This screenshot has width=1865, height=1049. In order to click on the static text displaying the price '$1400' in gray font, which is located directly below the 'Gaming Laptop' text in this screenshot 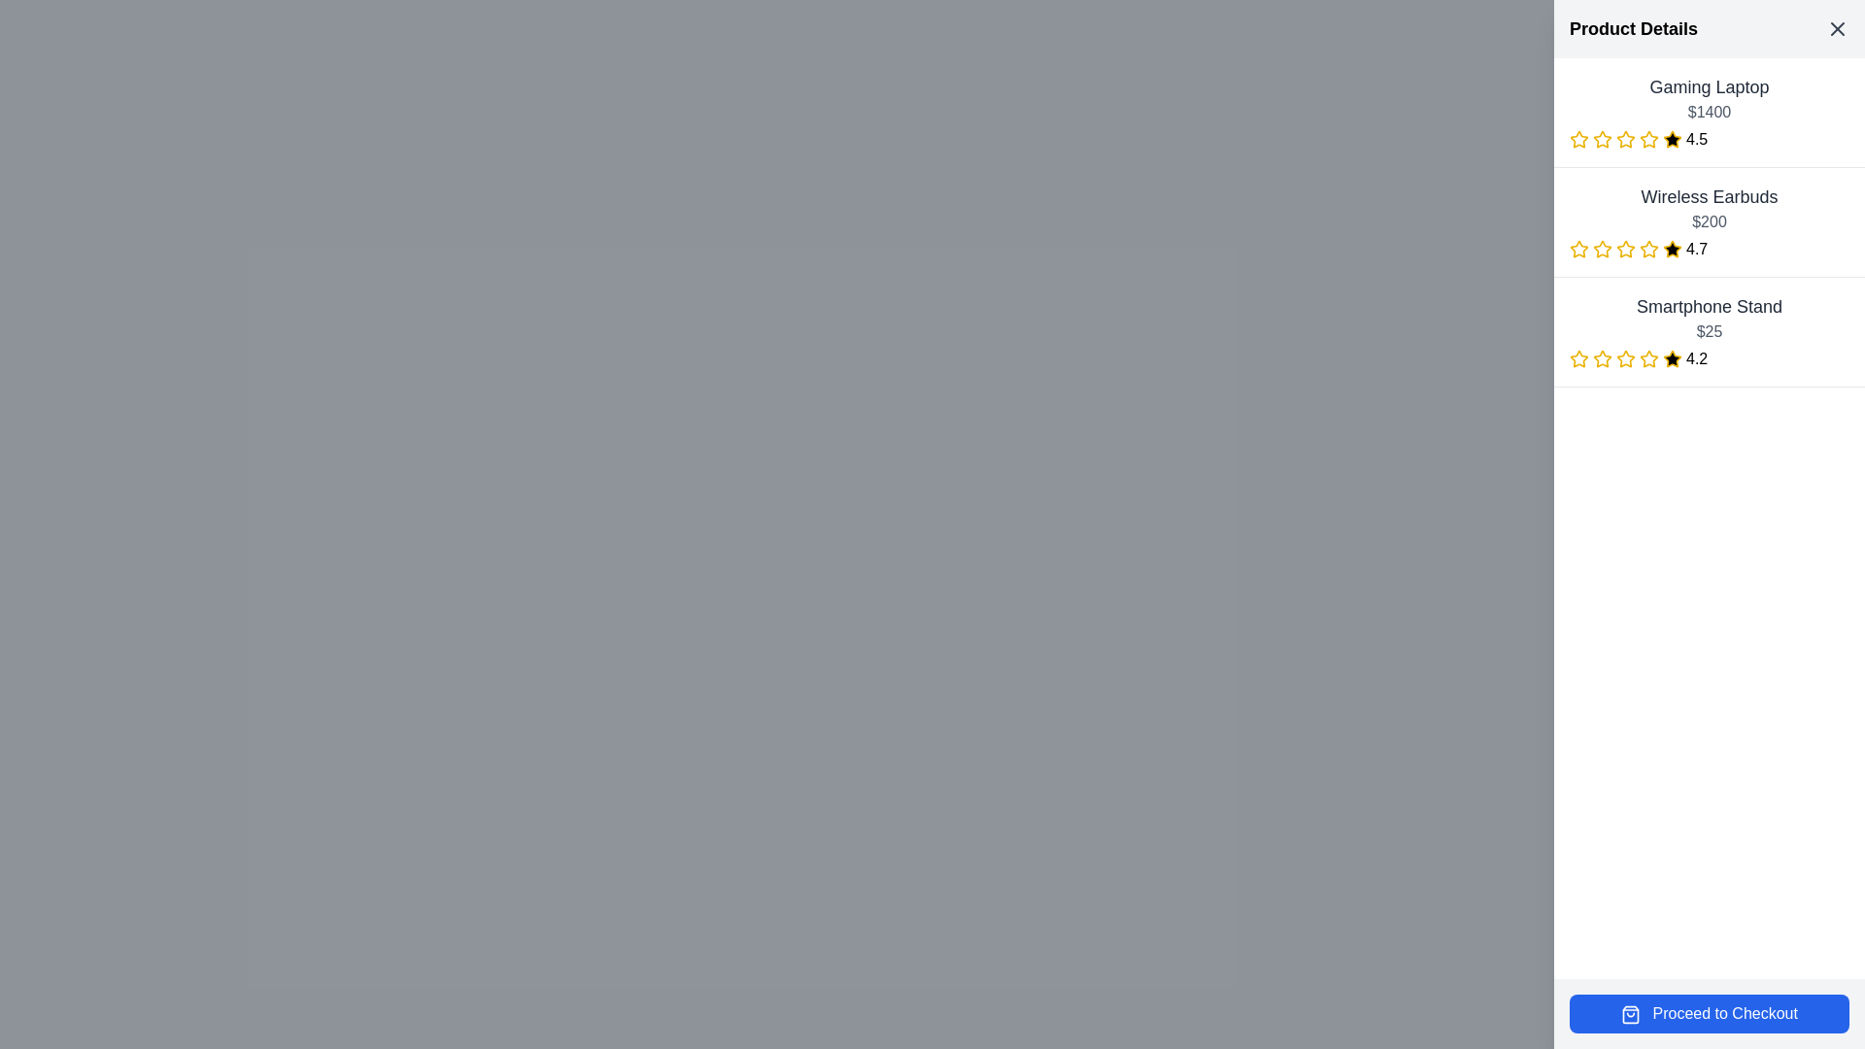, I will do `click(1710, 112)`.